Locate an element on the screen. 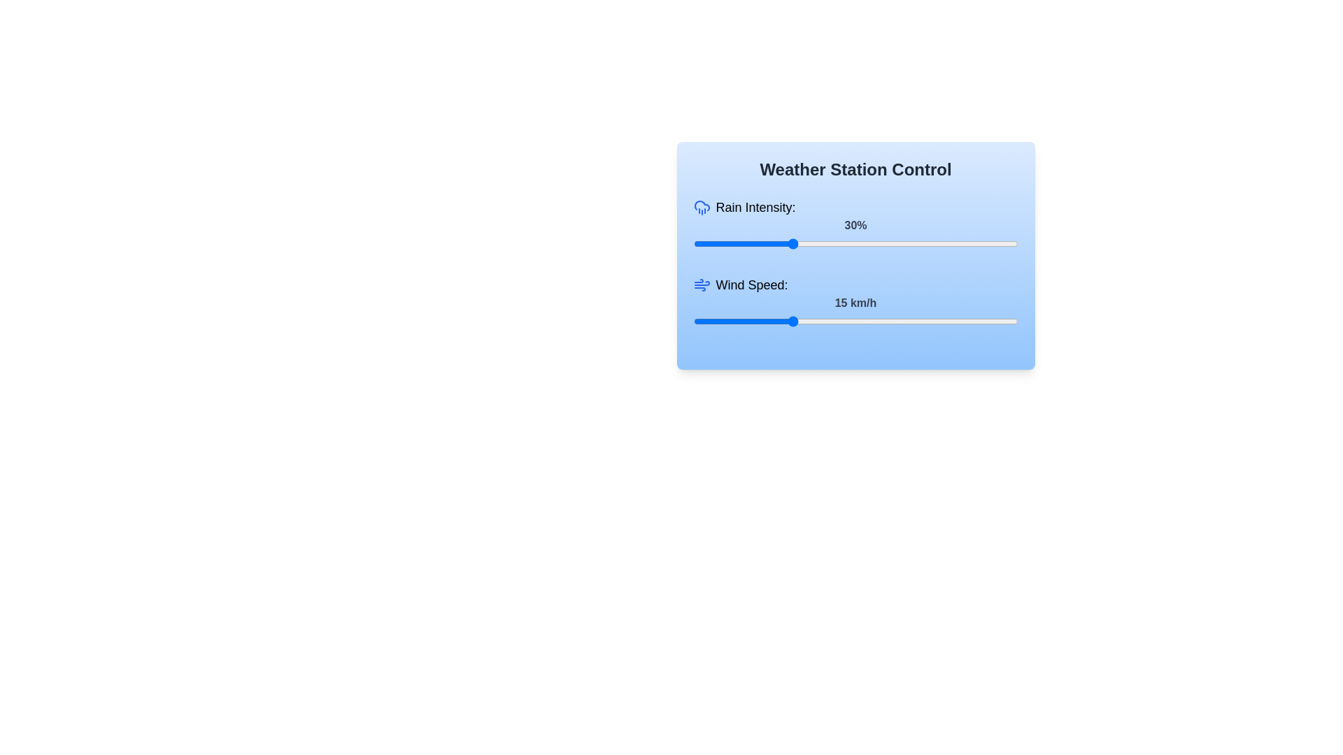  the rain intensity slider to 98% is located at coordinates (1011, 243).